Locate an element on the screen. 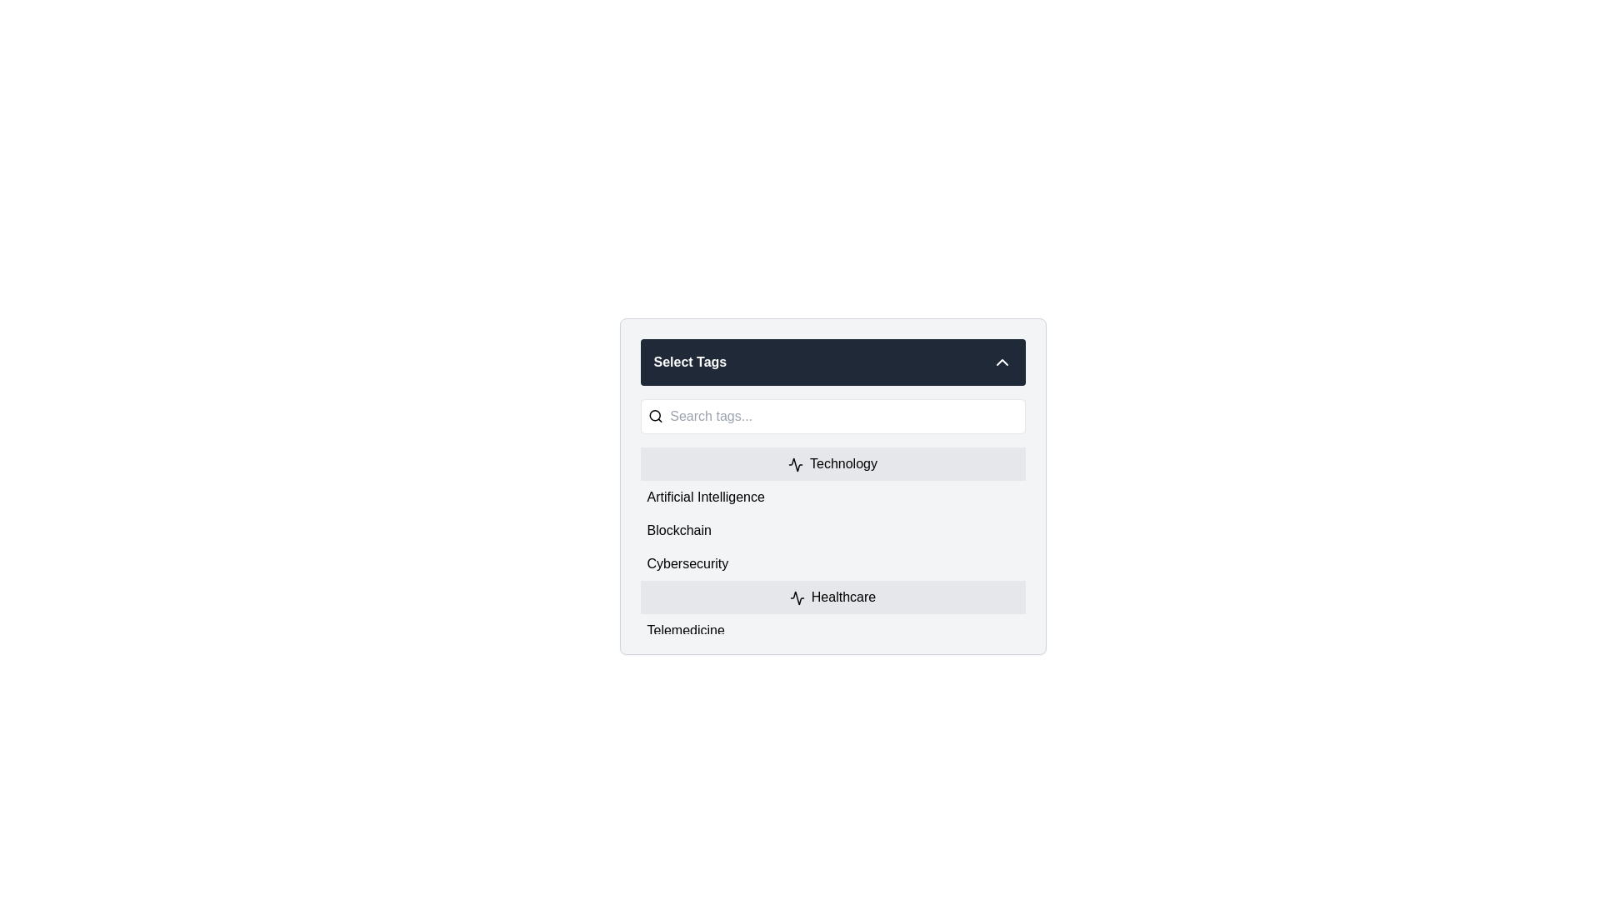  the 'Blockchain' clickable list item in the 'Select Tags' group is located at coordinates (832, 530).